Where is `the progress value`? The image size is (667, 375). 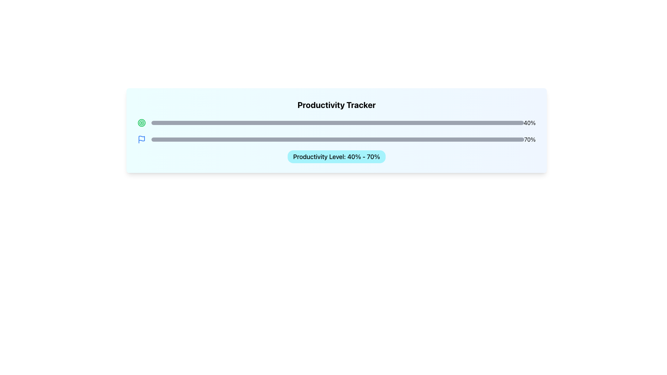
the progress value is located at coordinates (307, 139).